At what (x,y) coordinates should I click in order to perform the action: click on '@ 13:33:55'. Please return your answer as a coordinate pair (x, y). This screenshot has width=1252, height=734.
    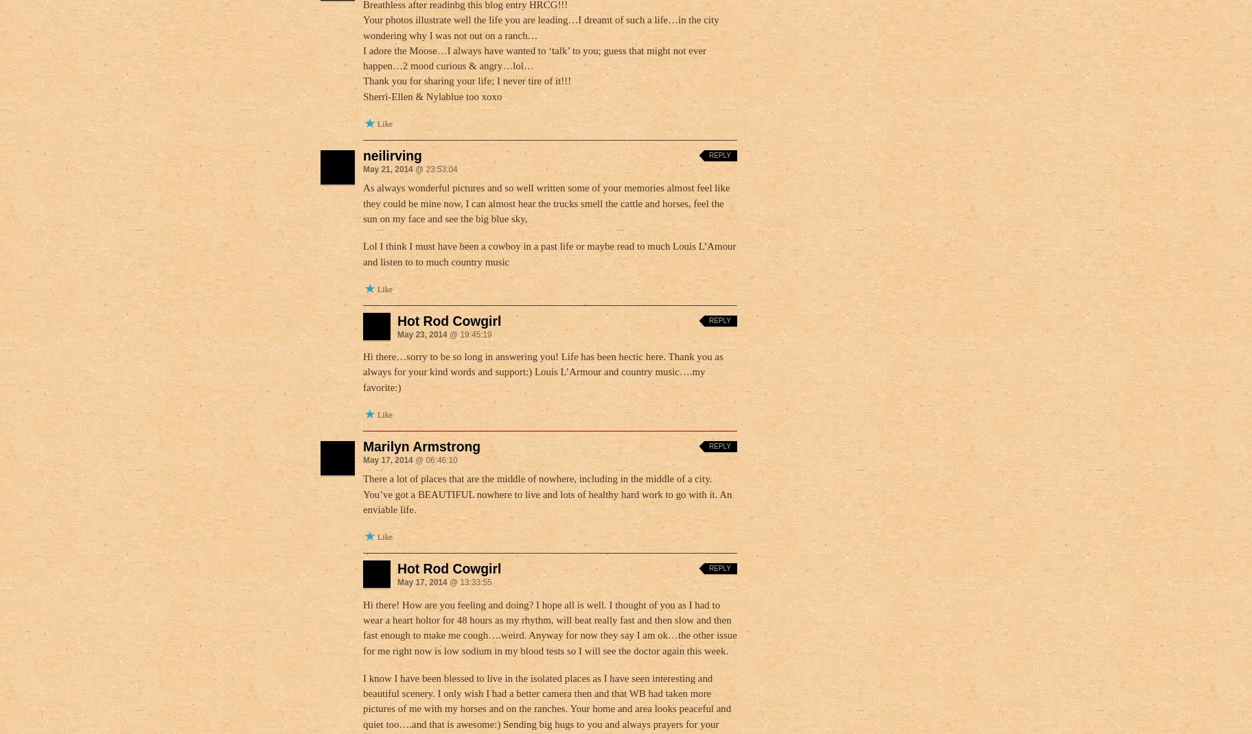
    Looking at the image, I should click on (445, 582).